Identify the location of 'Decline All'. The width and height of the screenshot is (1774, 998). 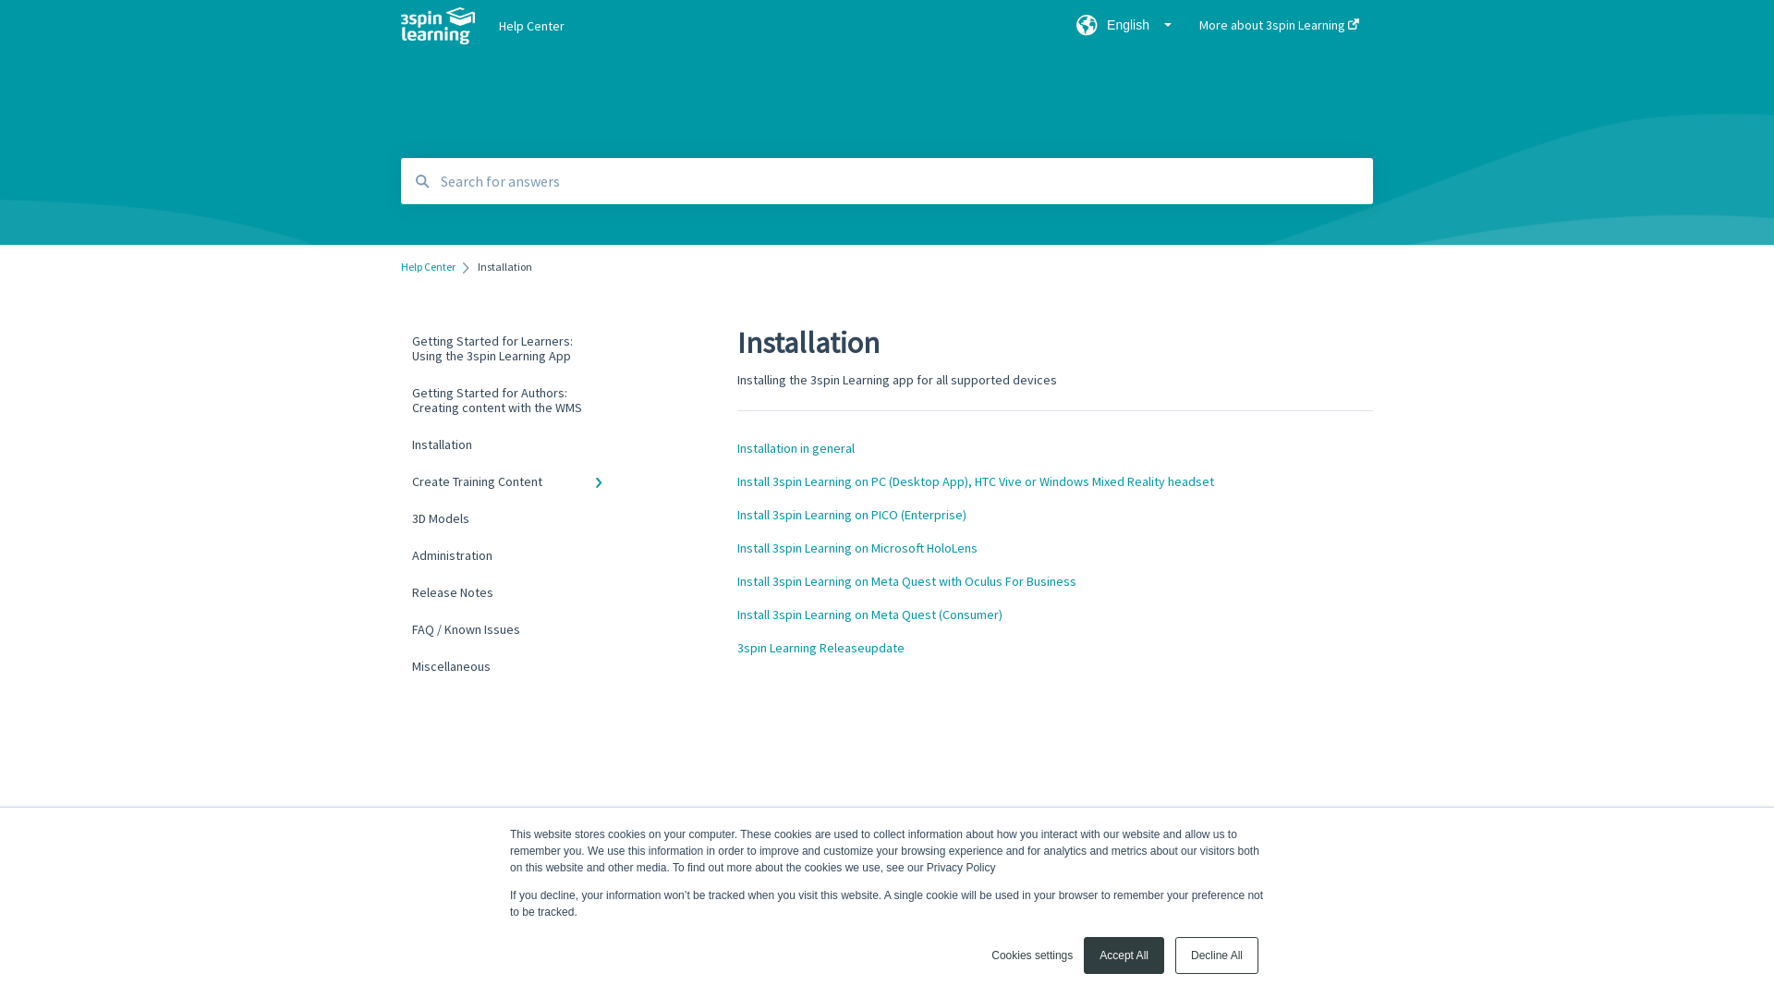
(1174, 955).